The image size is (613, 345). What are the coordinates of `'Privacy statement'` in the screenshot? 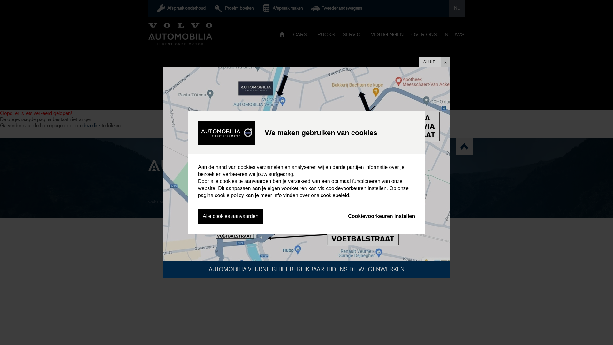 It's located at (245, 202).